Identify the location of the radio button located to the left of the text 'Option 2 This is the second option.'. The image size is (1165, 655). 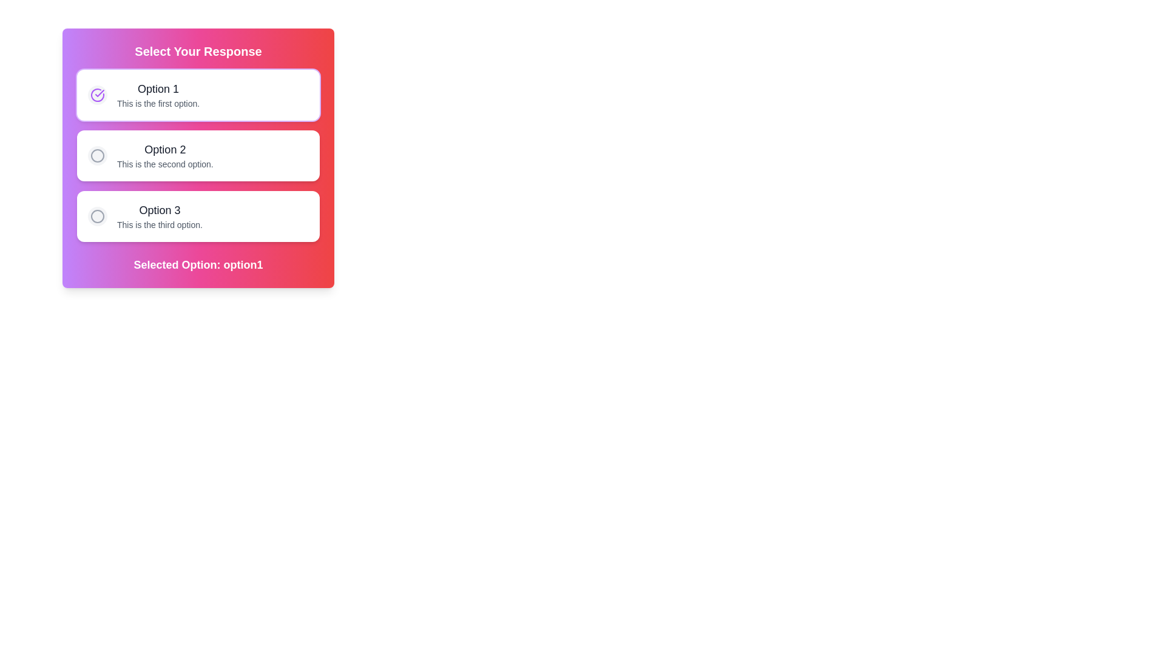
(98, 155).